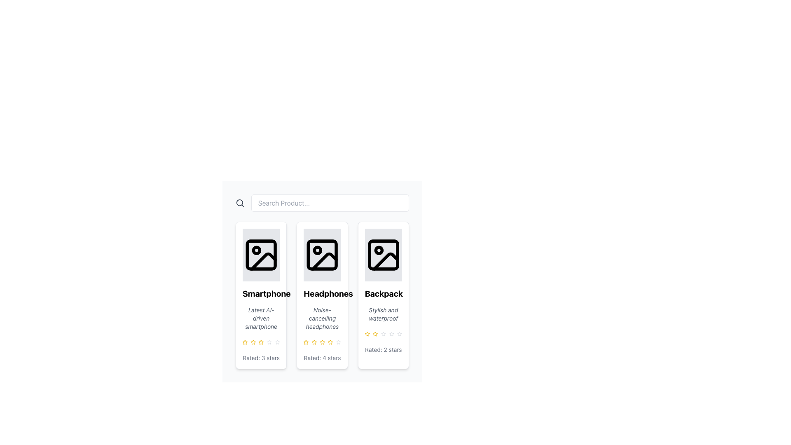  What do you see at coordinates (383, 293) in the screenshot?
I see `the title text of the product located in the third card of the horizontally arranged grid, positioned beneath the product image and above the description text` at bounding box center [383, 293].